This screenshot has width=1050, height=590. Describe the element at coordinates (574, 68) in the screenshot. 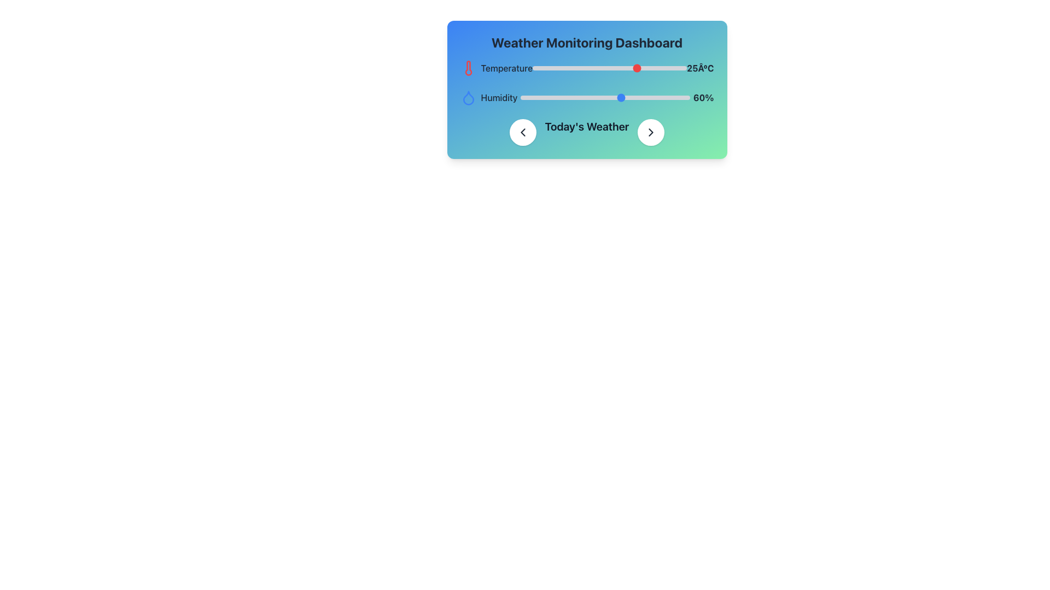

I see `temperature` at that location.